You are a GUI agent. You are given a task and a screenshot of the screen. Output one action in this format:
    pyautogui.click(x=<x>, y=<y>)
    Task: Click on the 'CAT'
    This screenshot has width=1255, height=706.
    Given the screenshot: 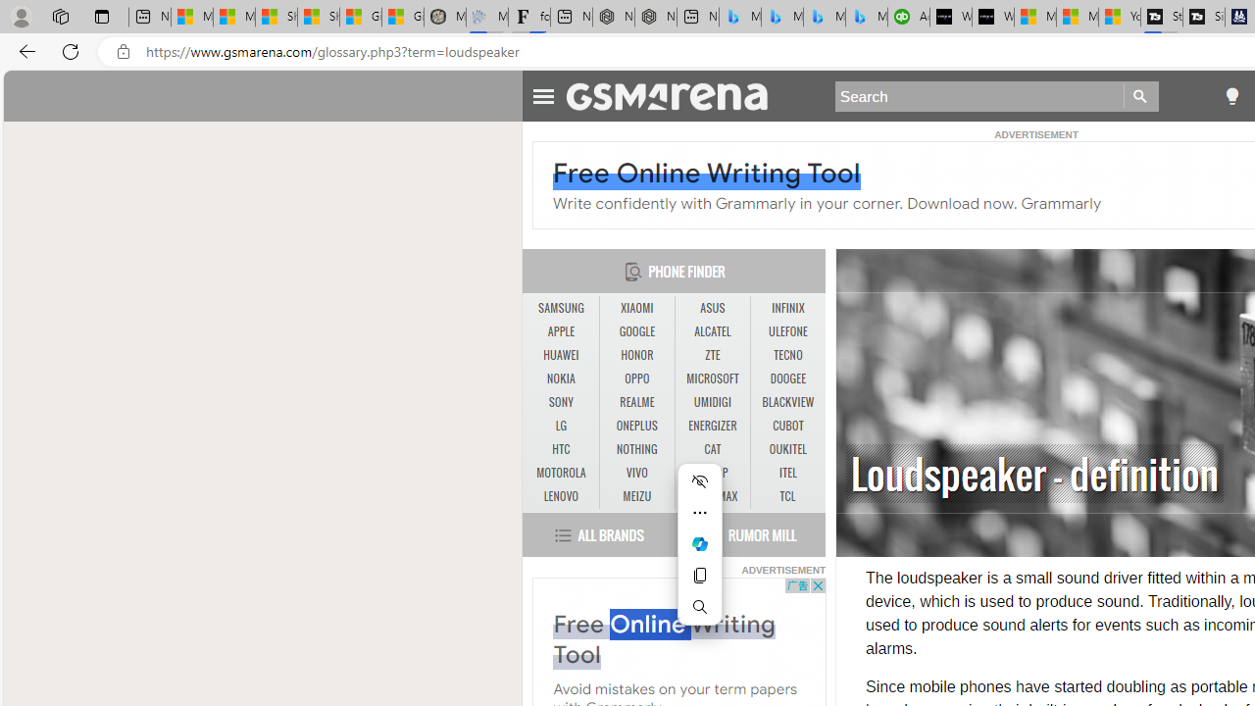 What is the action you would take?
    pyautogui.click(x=712, y=449)
    